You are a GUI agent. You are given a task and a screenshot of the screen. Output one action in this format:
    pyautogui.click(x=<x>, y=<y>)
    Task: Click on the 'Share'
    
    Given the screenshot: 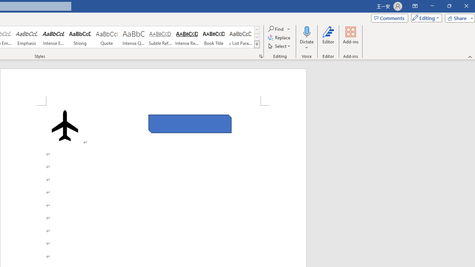 What is the action you would take?
    pyautogui.click(x=458, y=17)
    